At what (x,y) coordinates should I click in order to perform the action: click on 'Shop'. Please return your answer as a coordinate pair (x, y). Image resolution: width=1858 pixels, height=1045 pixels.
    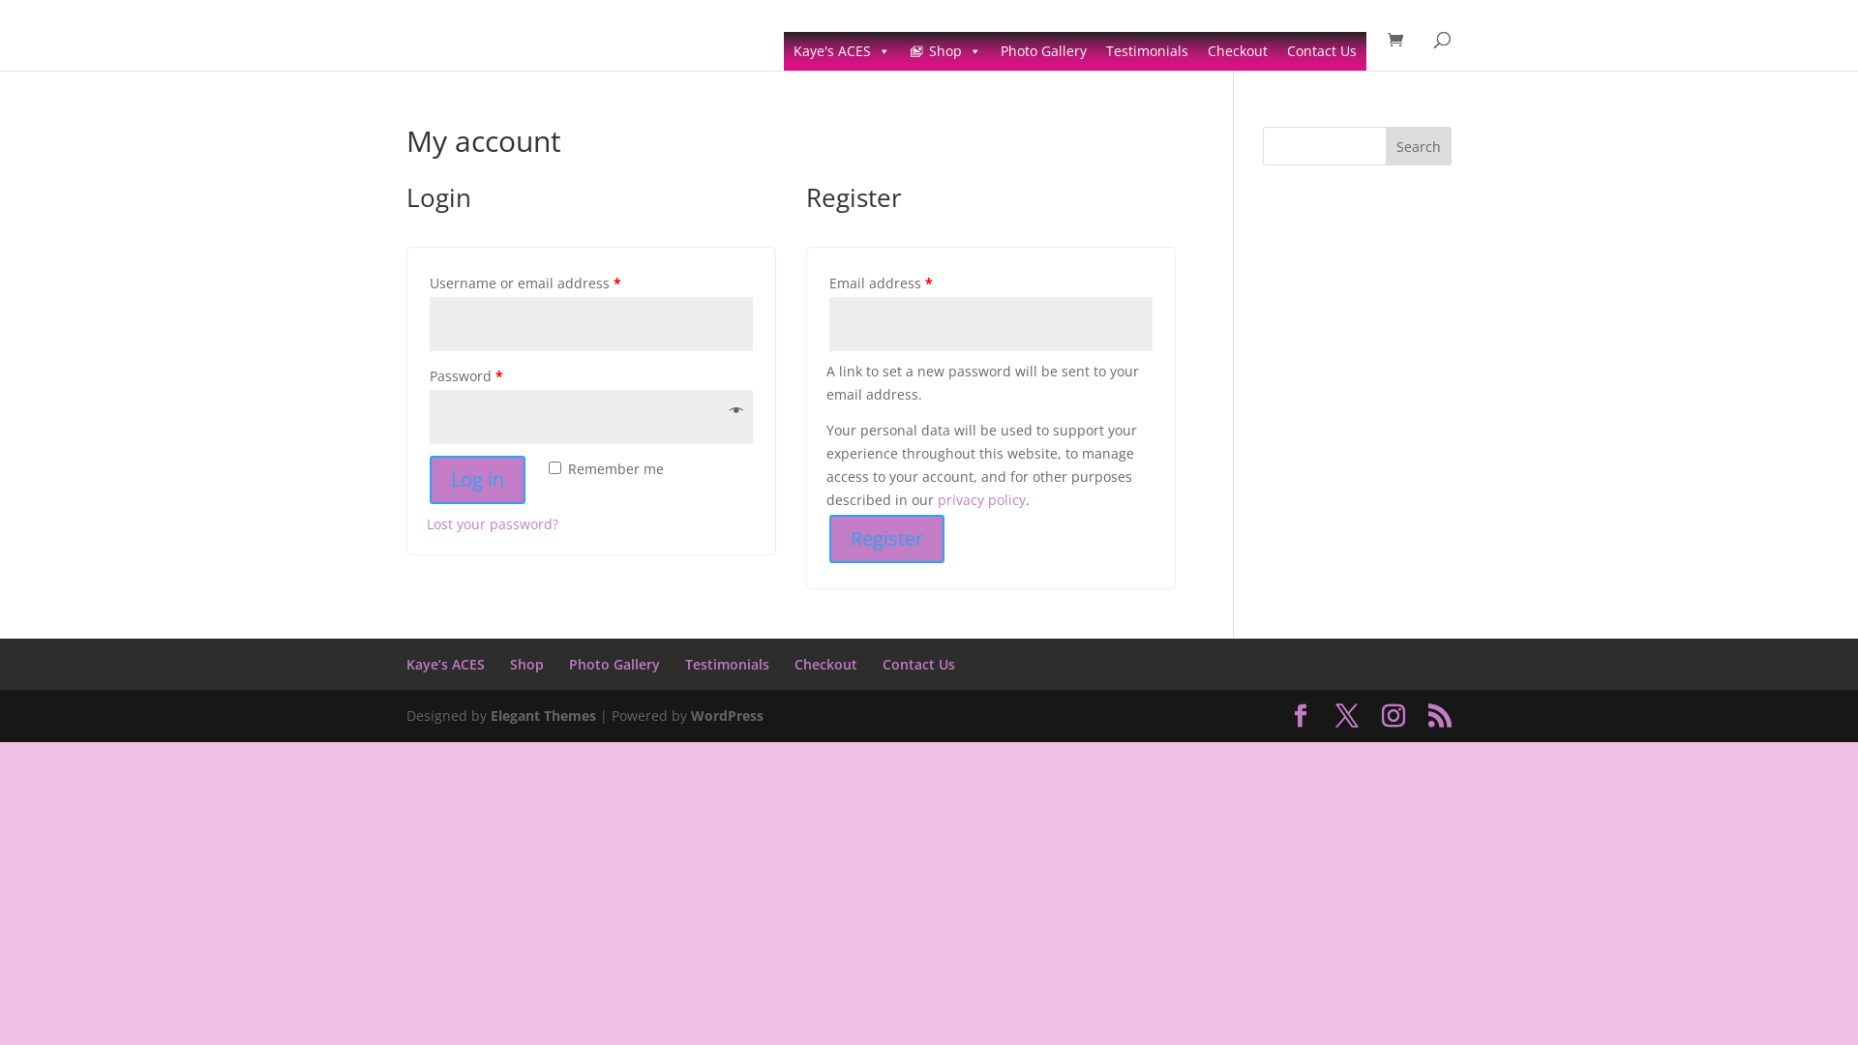
    Looking at the image, I should click on (945, 50).